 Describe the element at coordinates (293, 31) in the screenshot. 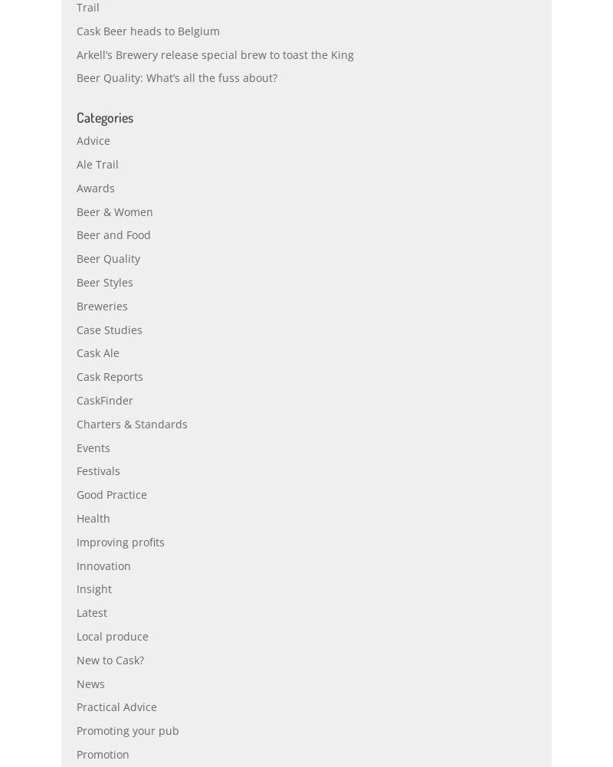

I see `'Arkell’s Brewery Announces the First Couple to Complete their 180th Anniversary Ale Trail'` at that location.